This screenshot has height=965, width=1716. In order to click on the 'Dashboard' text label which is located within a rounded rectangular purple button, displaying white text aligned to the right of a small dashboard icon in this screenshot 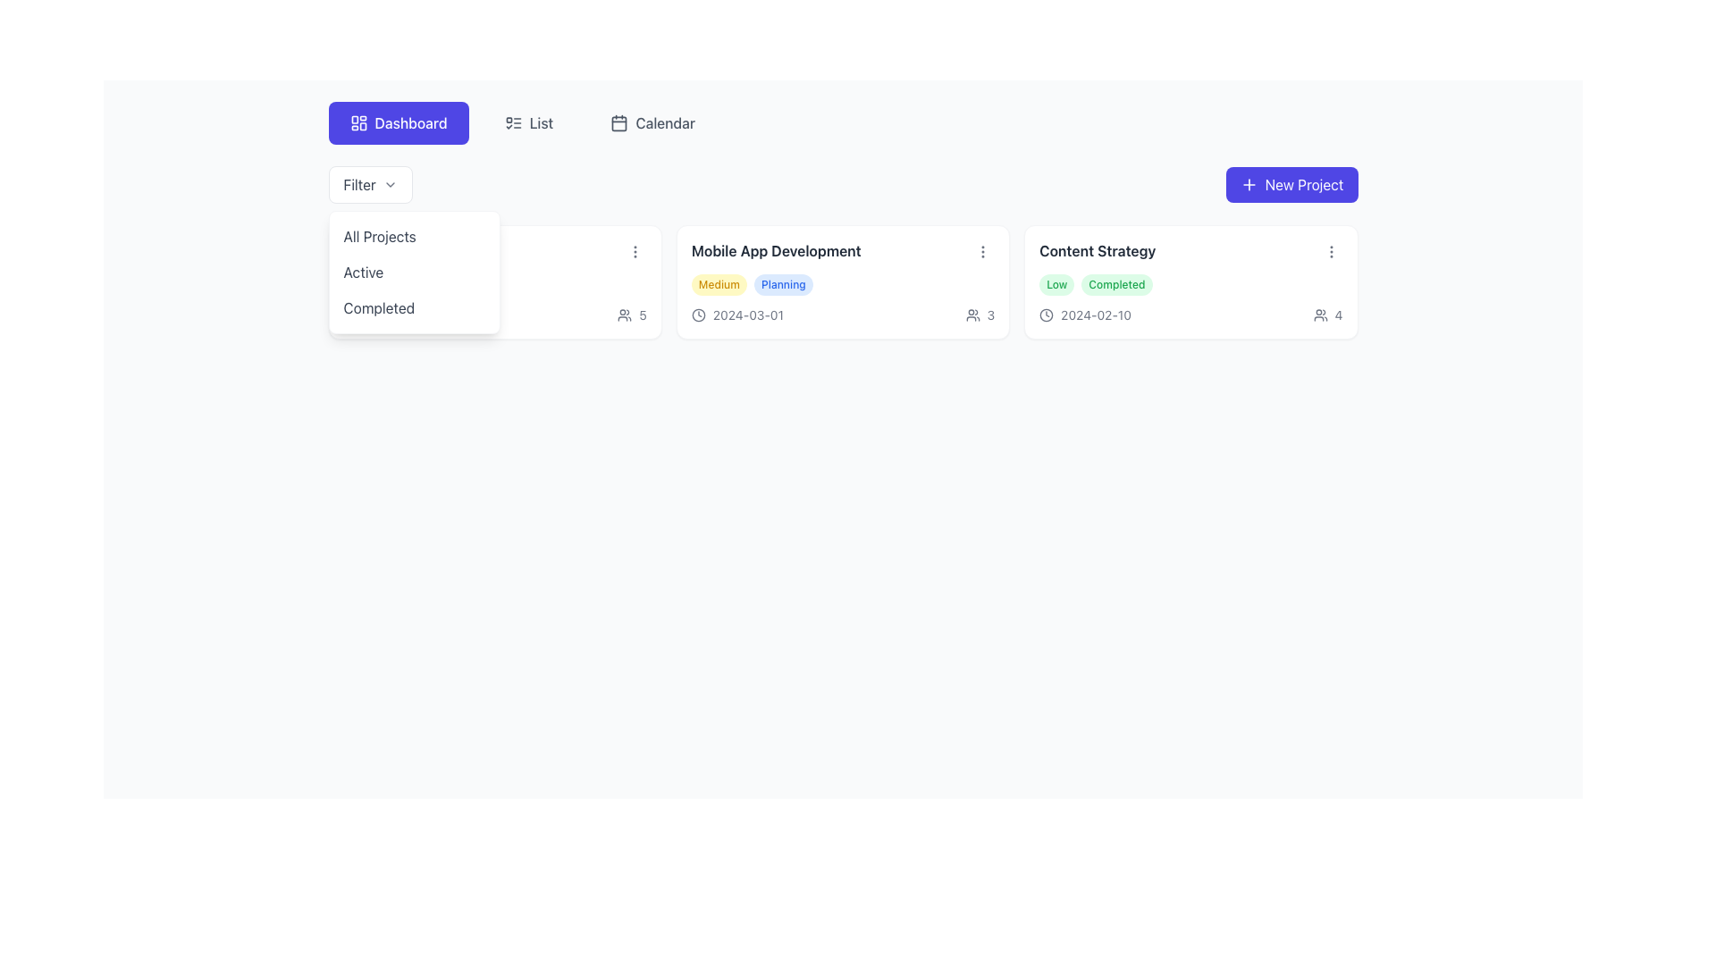, I will do `click(410, 122)`.